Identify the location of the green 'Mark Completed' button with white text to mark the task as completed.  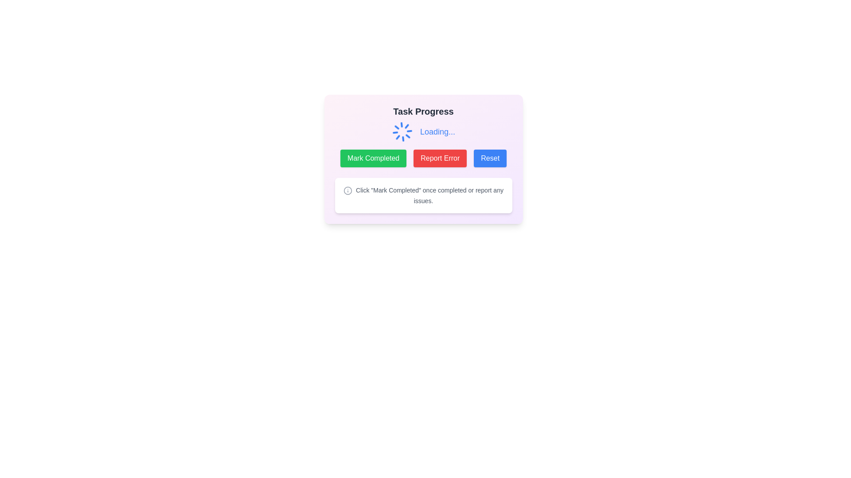
(373, 158).